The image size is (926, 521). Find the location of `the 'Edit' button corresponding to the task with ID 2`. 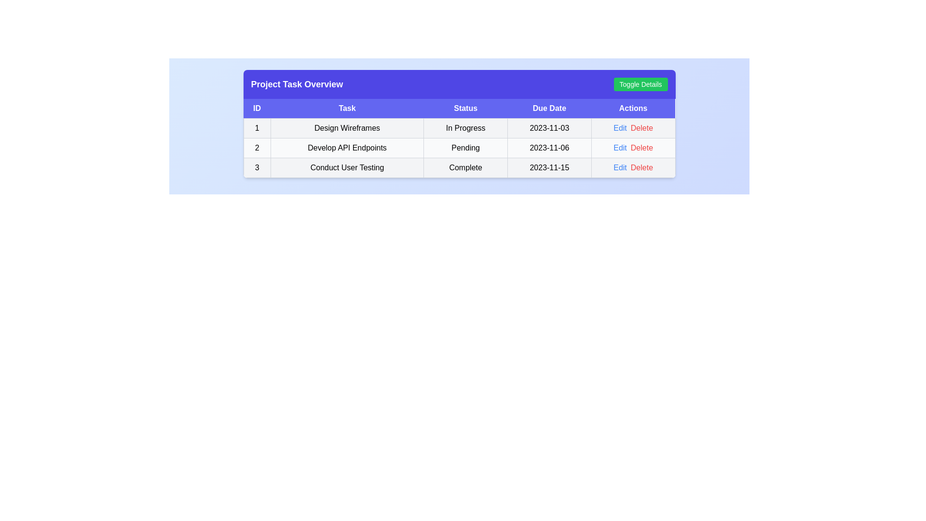

the 'Edit' button corresponding to the task with ID 2 is located at coordinates (620, 148).